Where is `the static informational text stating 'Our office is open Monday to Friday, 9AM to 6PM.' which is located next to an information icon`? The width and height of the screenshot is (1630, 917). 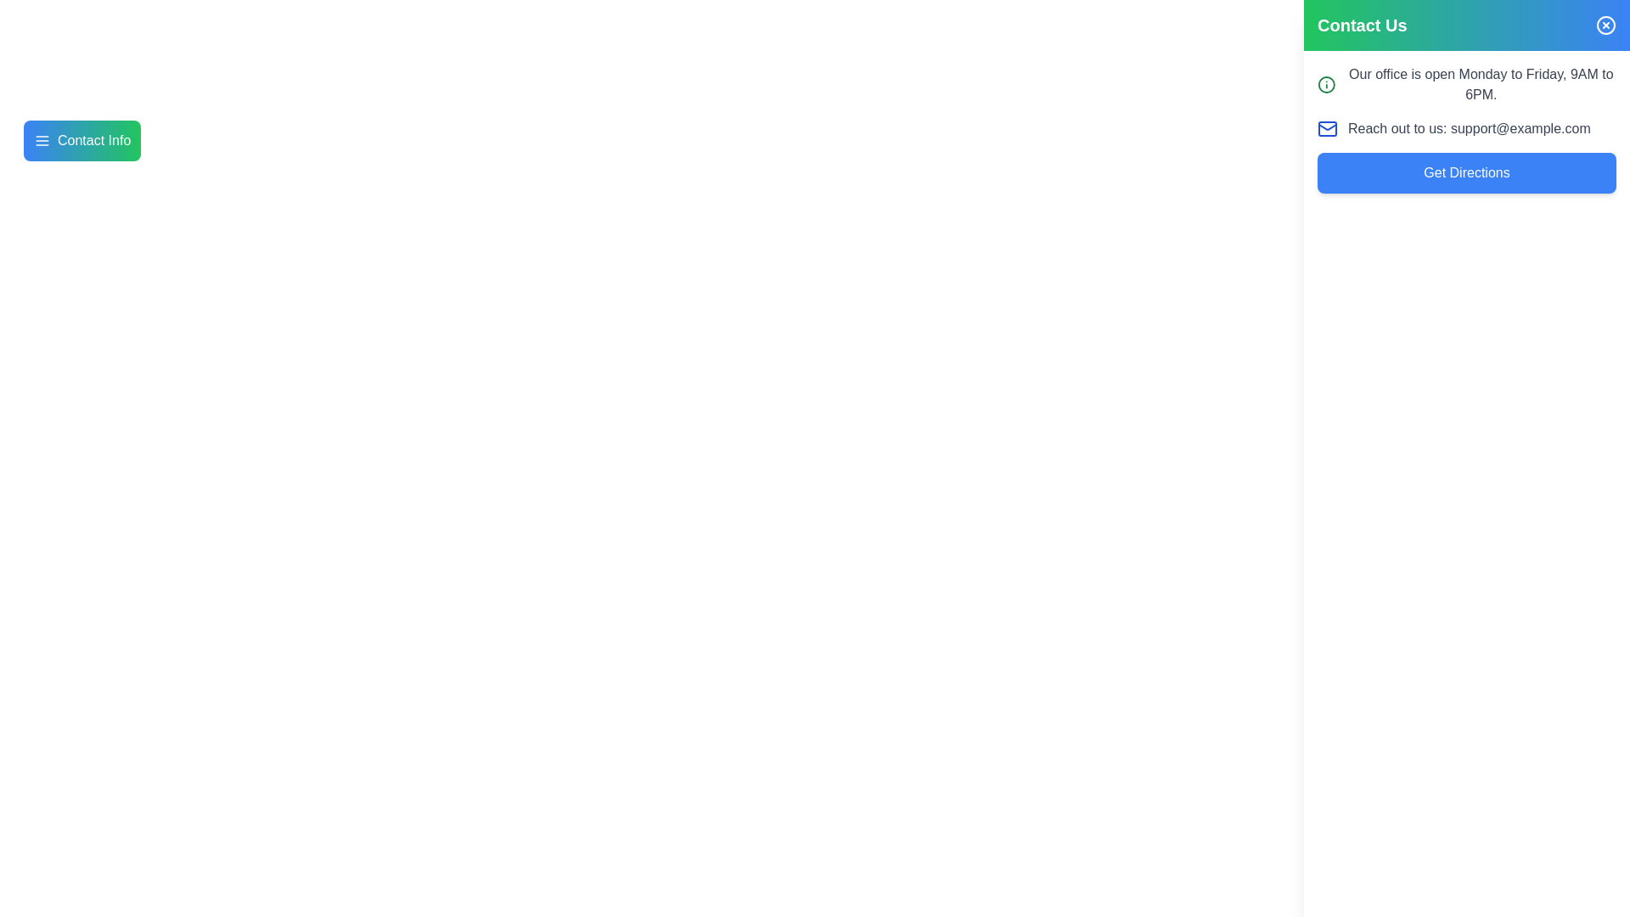 the static informational text stating 'Our office is open Monday to Friday, 9AM to 6PM.' which is located next to an information icon is located at coordinates (1466, 85).